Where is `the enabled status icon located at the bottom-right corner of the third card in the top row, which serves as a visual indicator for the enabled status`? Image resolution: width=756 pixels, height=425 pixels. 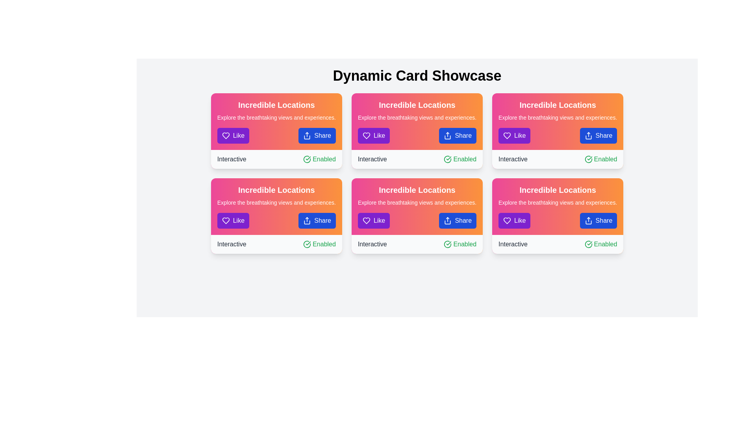 the enabled status icon located at the bottom-right corner of the third card in the top row, which serves as a visual indicator for the enabled status is located at coordinates (448, 159).